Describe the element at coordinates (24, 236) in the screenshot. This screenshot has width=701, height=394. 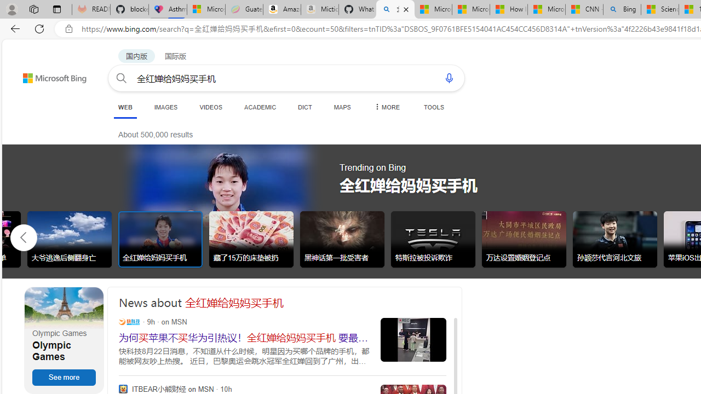
I see `'AutomationID: tob_left_arrow'` at that location.